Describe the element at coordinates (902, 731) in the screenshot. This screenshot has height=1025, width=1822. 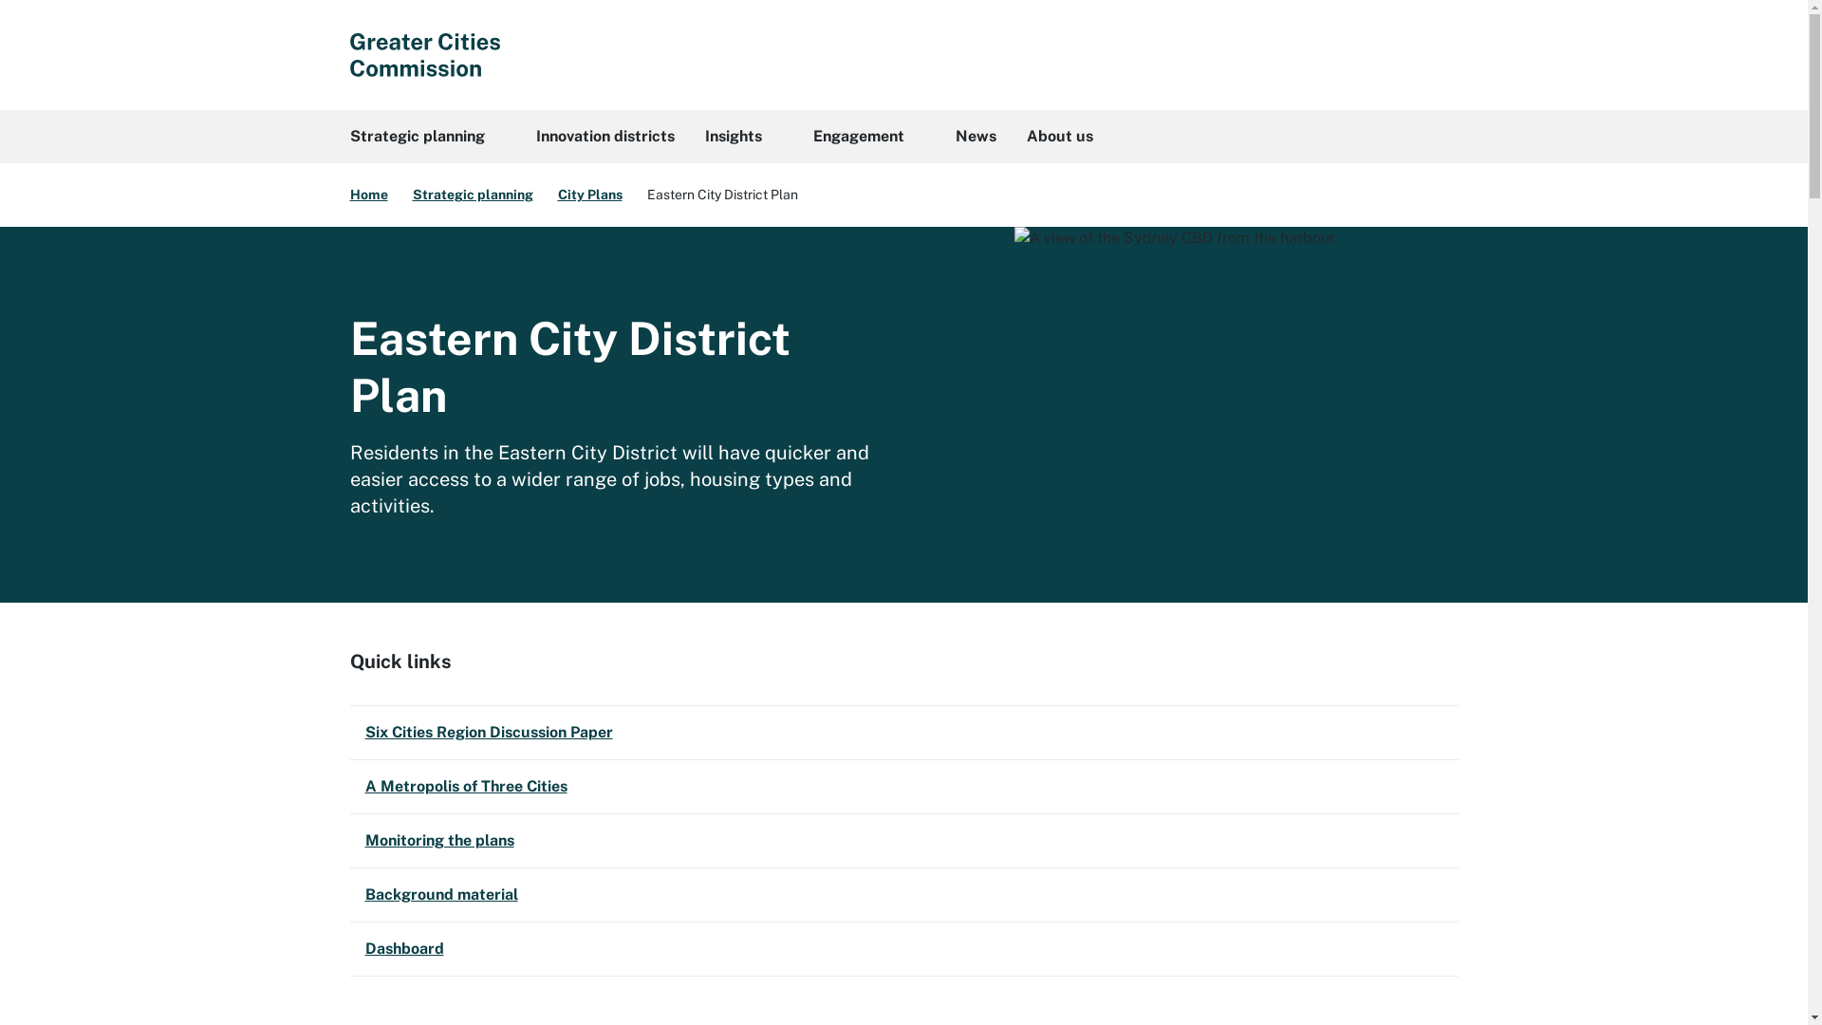
I see `'Six Cities Region Discussion Paper'` at that location.